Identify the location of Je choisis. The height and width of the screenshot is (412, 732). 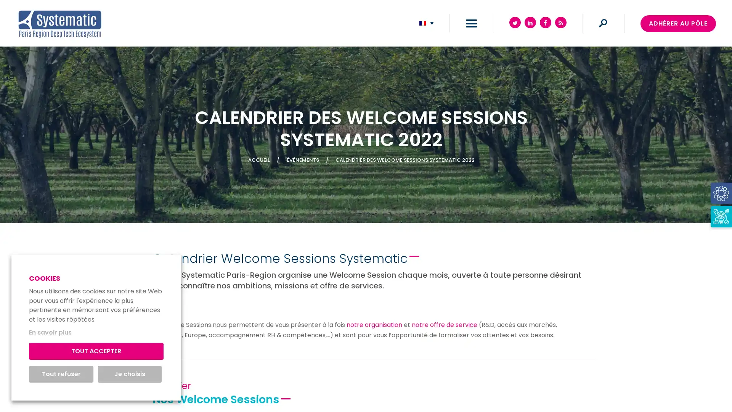
(130, 373).